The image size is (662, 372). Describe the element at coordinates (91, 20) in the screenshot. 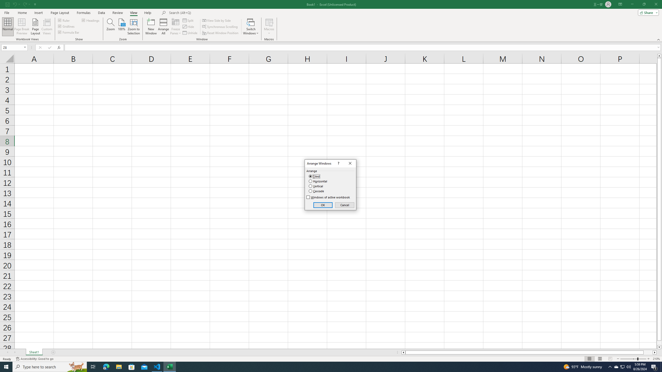

I see `'Headings'` at that location.